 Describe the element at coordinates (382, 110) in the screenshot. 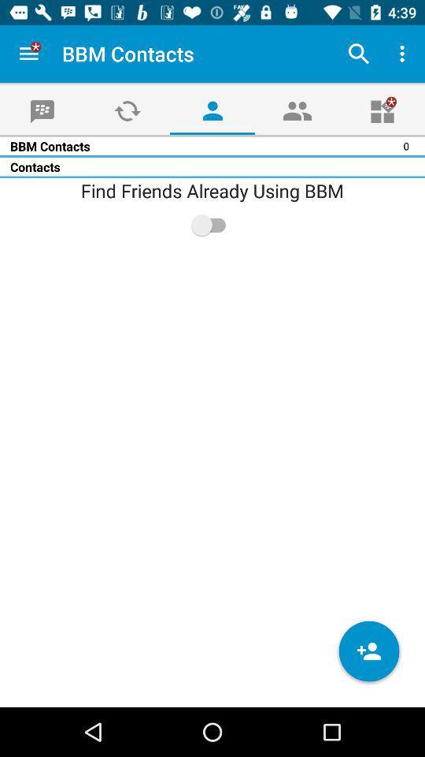

I see `the gift icon` at that location.